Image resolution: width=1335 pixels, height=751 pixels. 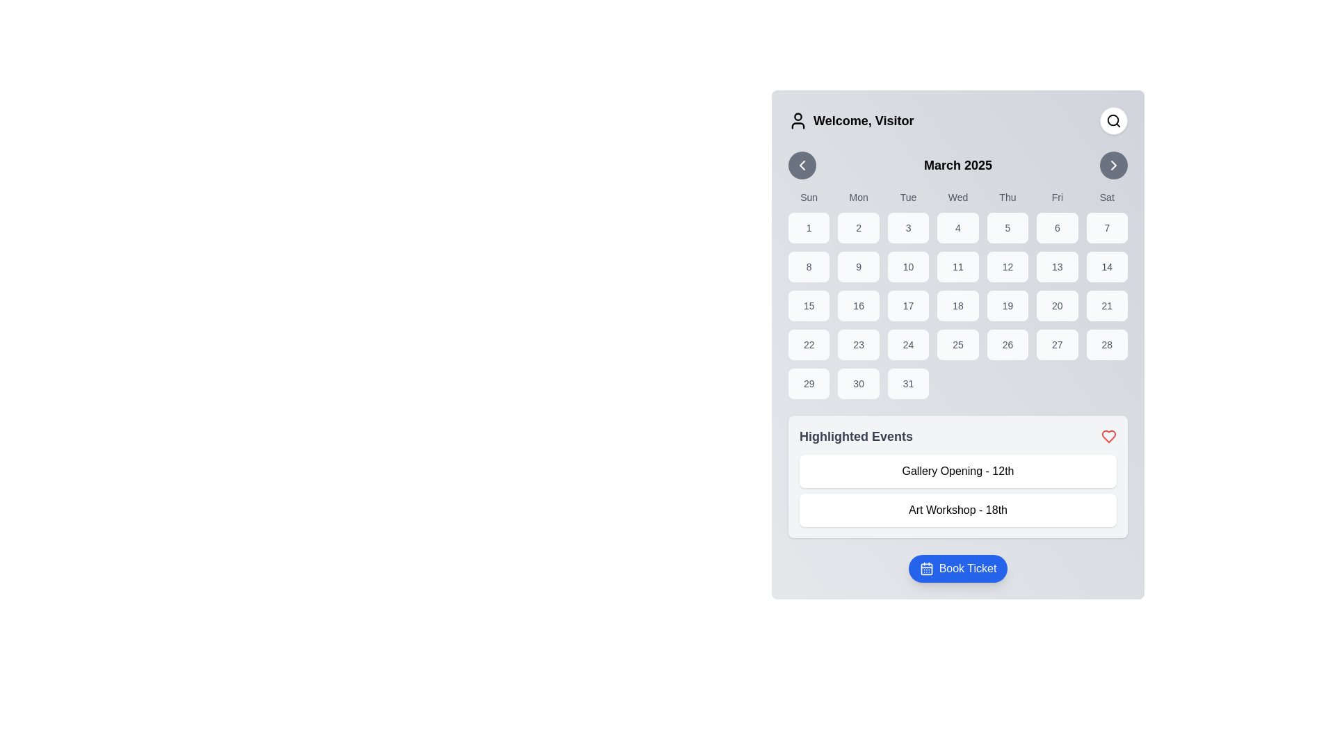 What do you see at coordinates (957, 165) in the screenshot?
I see `the text label displaying the currently selected month and year in the calendar, which is located in the central part of the calendar component, between the navigation buttons` at bounding box center [957, 165].